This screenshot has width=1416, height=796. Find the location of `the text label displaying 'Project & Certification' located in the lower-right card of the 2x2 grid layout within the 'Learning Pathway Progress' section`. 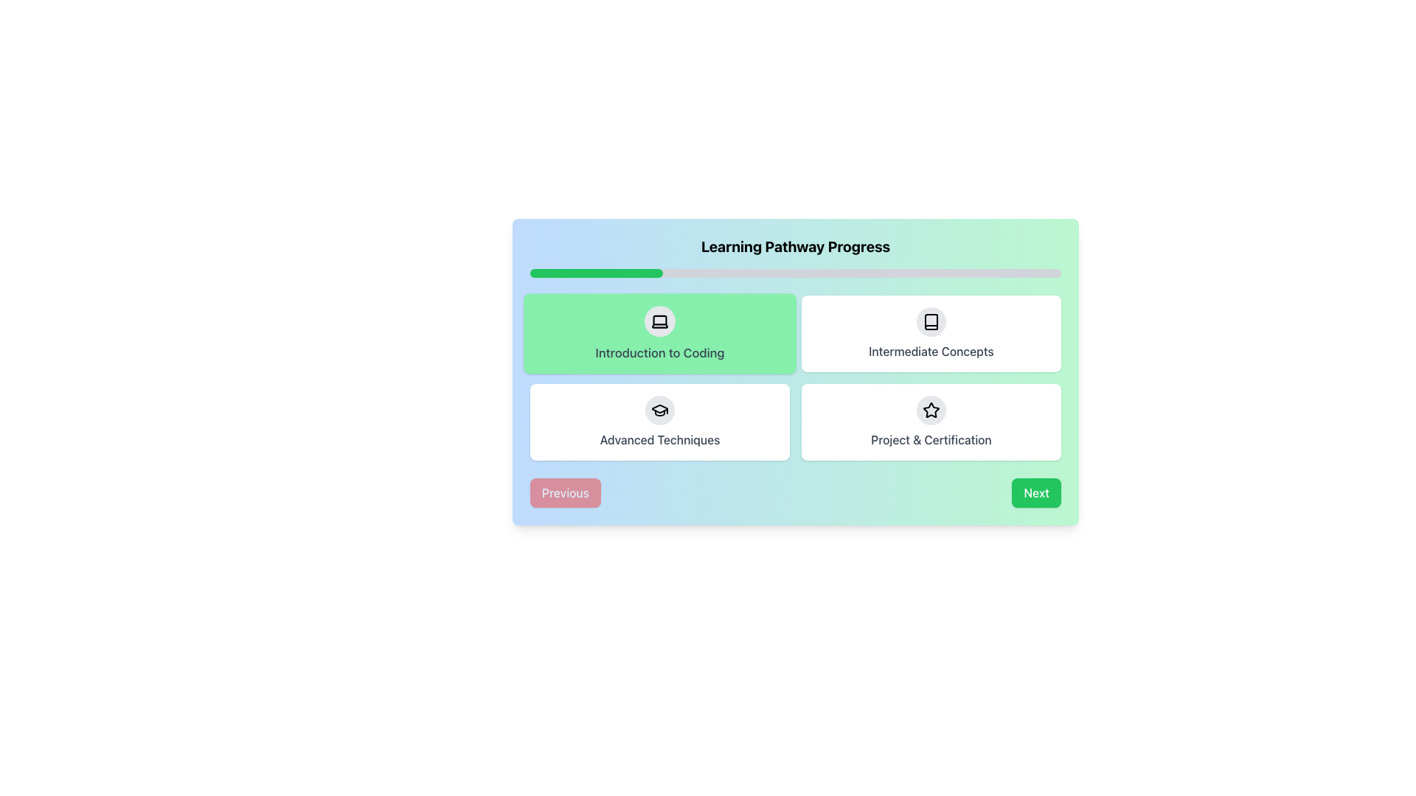

the text label displaying 'Project & Certification' located in the lower-right card of the 2x2 grid layout within the 'Learning Pathway Progress' section is located at coordinates (930, 439).